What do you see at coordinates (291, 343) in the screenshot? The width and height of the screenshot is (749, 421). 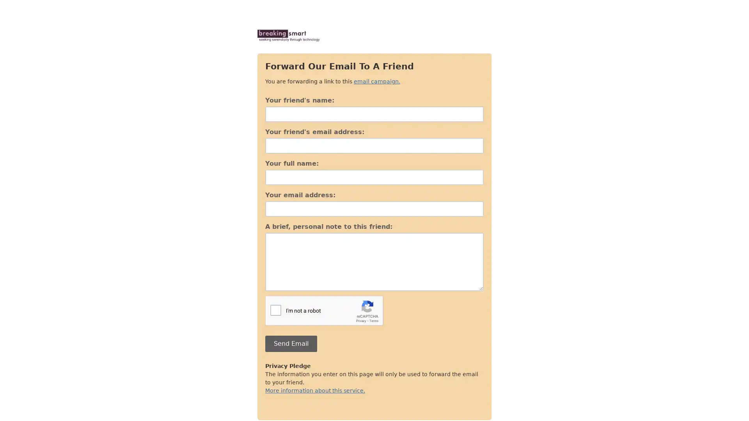 I see `Send Email` at bounding box center [291, 343].